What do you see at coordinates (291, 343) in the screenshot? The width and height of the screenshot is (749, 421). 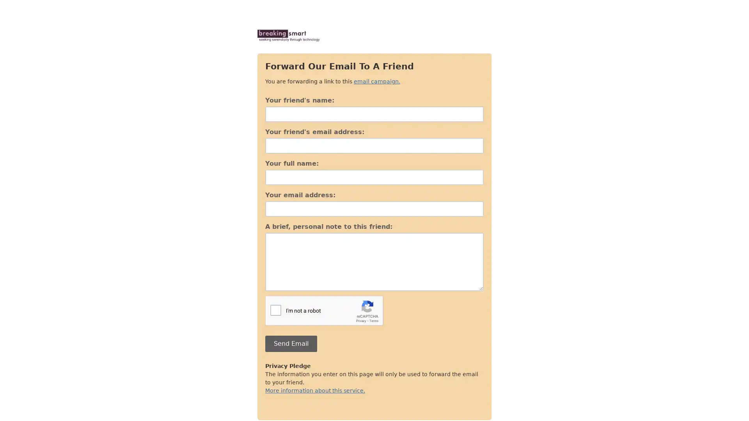 I see `Send Email` at bounding box center [291, 343].